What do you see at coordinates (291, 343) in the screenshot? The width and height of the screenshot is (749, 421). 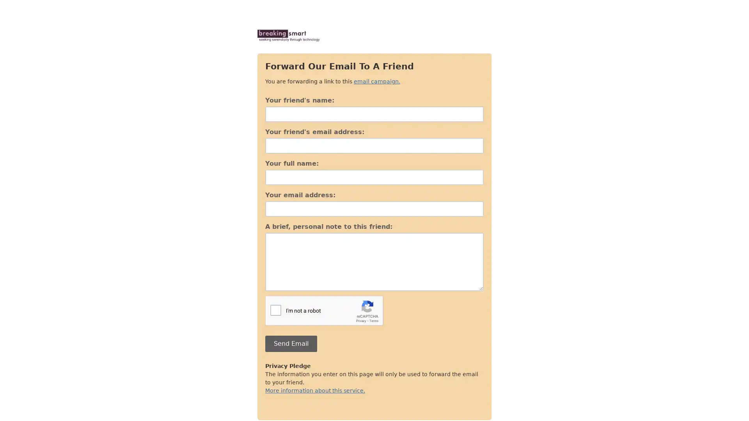 I see `Send Email` at bounding box center [291, 343].